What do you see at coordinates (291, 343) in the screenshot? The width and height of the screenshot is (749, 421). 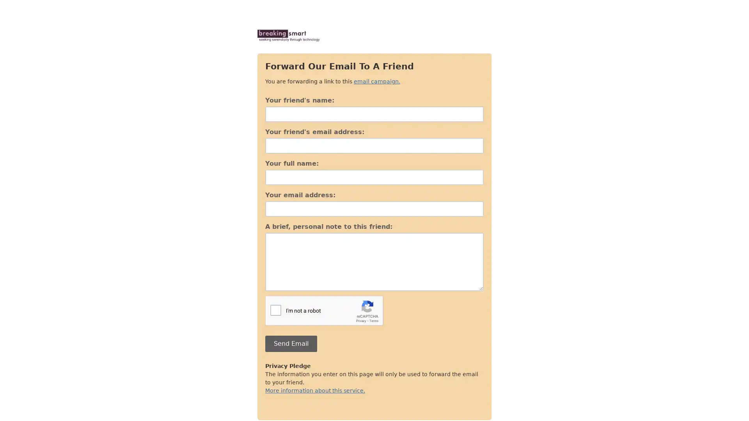 I see `Send Email` at bounding box center [291, 343].